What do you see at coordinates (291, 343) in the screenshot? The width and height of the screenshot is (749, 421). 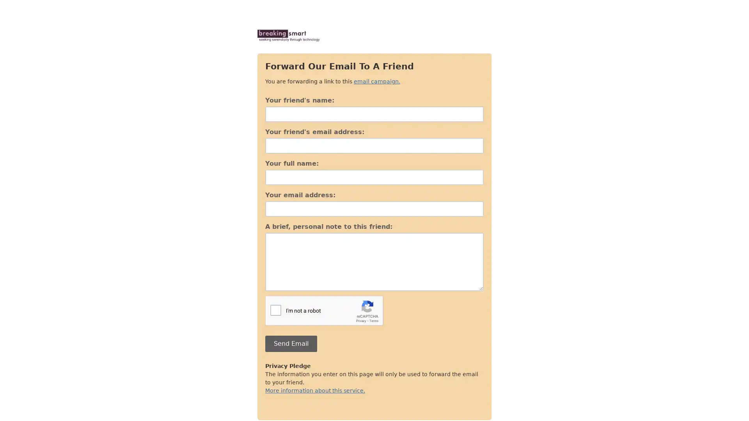 I see `Send Email` at bounding box center [291, 343].